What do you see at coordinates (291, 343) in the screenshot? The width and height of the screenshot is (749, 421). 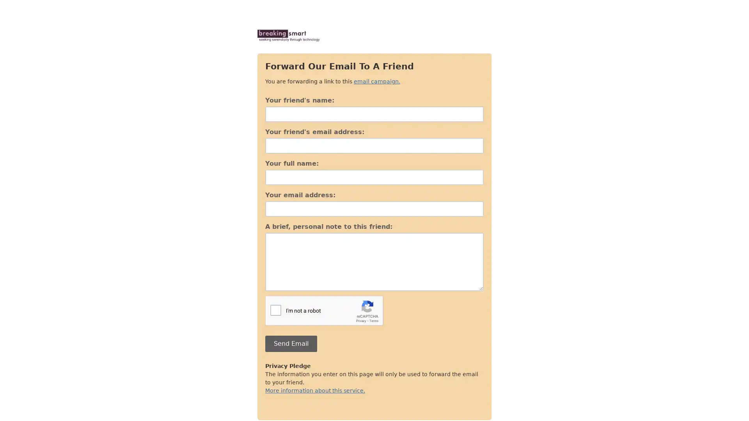 I see `Send Email` at bounding box center [291, 343].